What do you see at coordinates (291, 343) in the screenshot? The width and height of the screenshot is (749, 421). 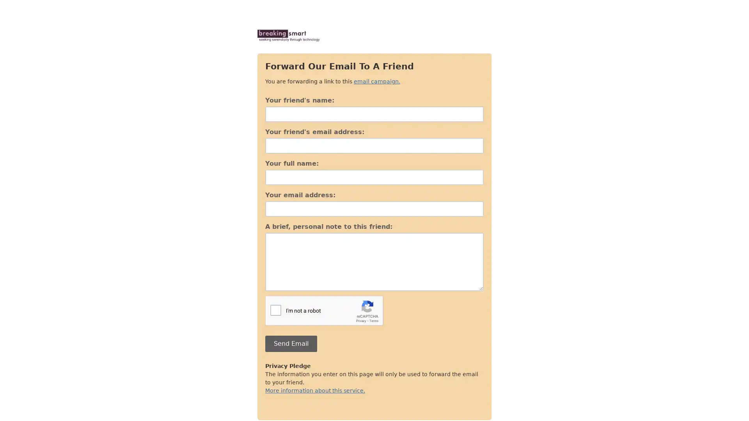 I see `Send Email` at bounding box center [291, 343].